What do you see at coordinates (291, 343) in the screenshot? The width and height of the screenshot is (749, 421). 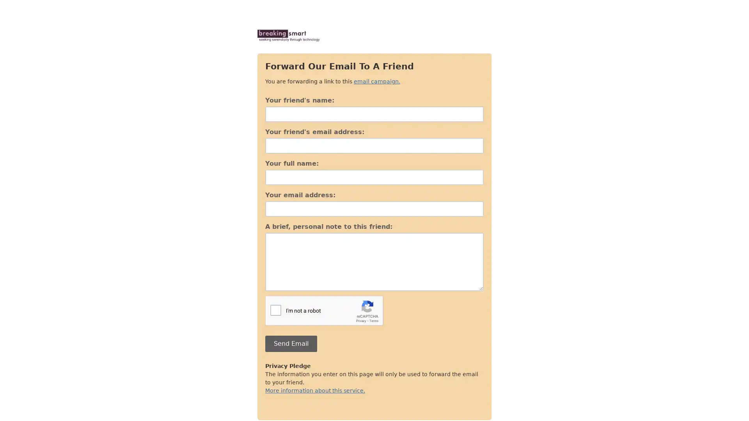 I see `Send Email` at bounding box center [291, 343].